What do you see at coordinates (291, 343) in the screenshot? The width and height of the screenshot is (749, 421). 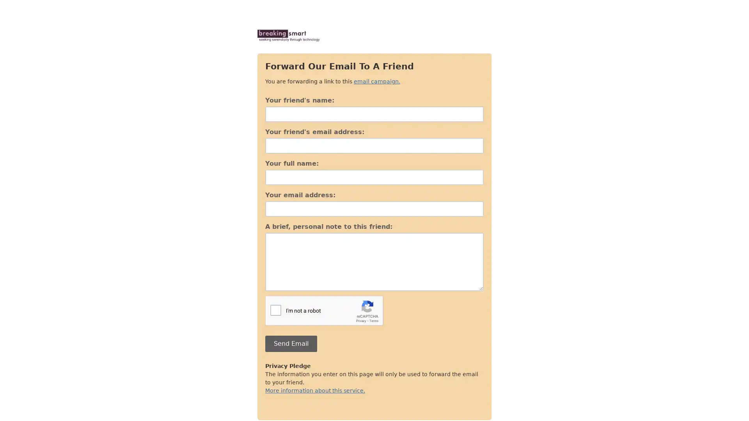 I see `Send Email` at bounding box center [291, 343].